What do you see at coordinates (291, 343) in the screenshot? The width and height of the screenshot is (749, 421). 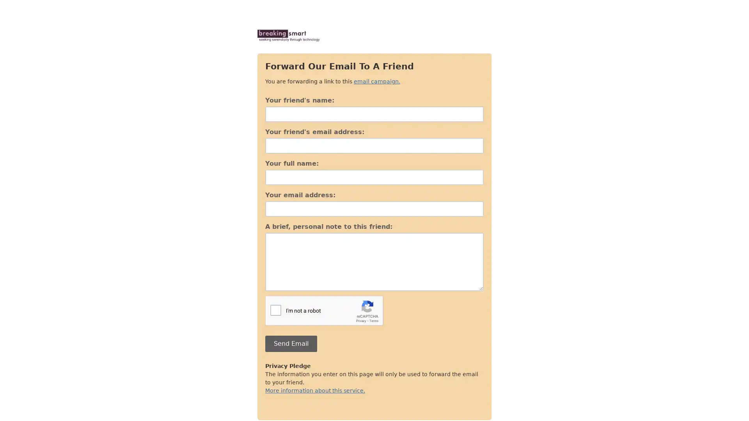 I see `Send Email` at bounding box center [291, 343].